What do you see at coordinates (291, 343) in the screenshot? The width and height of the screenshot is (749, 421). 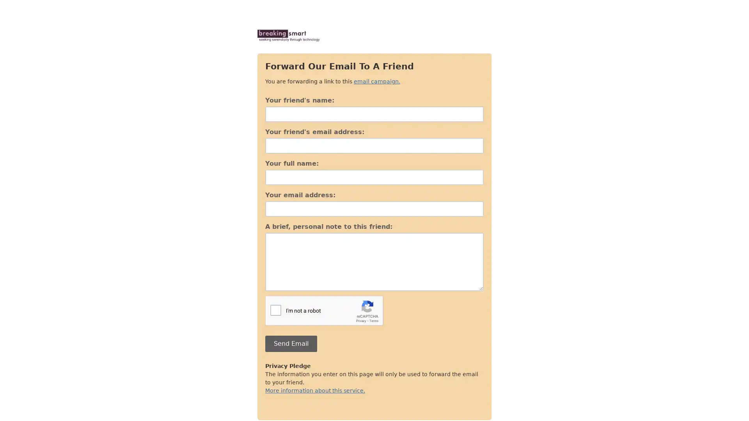 I see `Send Email` at bounding box center [291, 343].